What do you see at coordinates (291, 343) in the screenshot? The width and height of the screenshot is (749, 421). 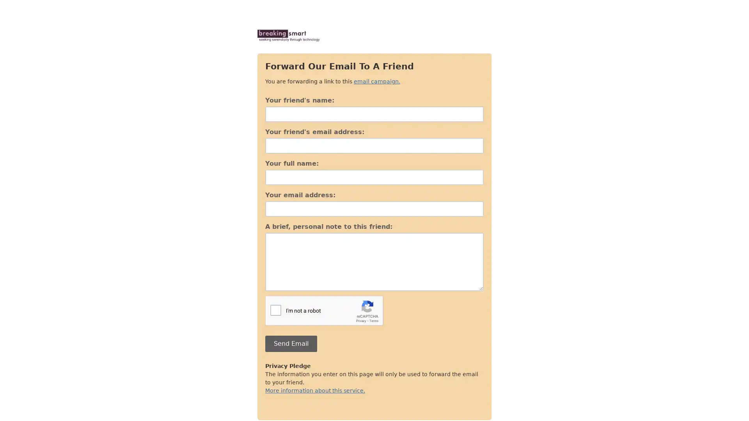 I see `Send Email` at bounding box center [291, 343].